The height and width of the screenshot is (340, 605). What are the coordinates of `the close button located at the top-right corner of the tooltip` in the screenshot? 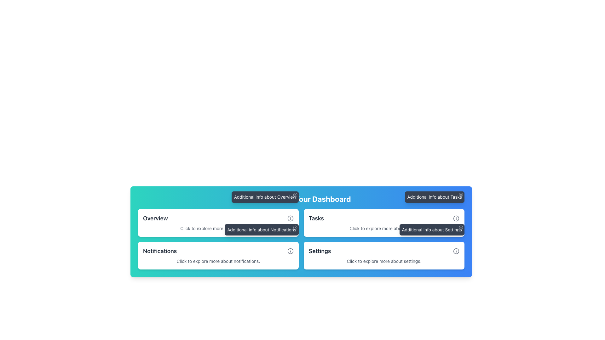 It's located at (461, 227).